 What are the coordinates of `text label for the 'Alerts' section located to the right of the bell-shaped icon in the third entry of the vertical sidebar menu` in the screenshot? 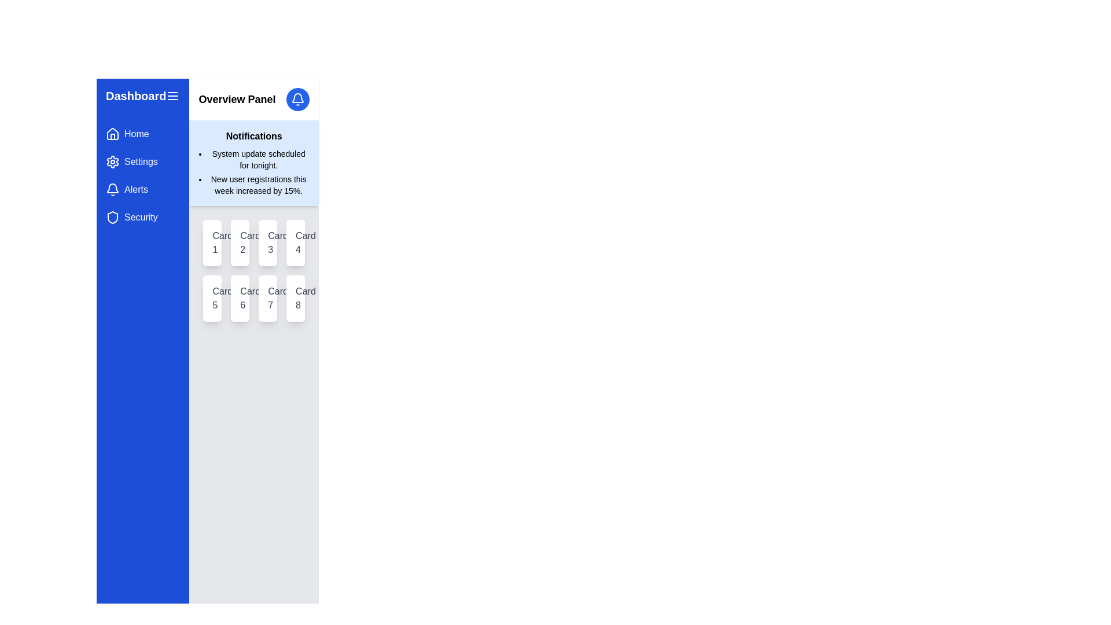 It's located at (136, 189).